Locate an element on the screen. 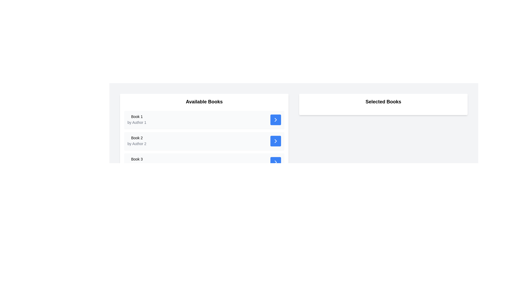 The height and width of the screenshot is (287, 511). the text label displaying the title of the third book in the 'Available Books' section, positioned above the author label 'by Author 3' is located at coordinates (137, 159).